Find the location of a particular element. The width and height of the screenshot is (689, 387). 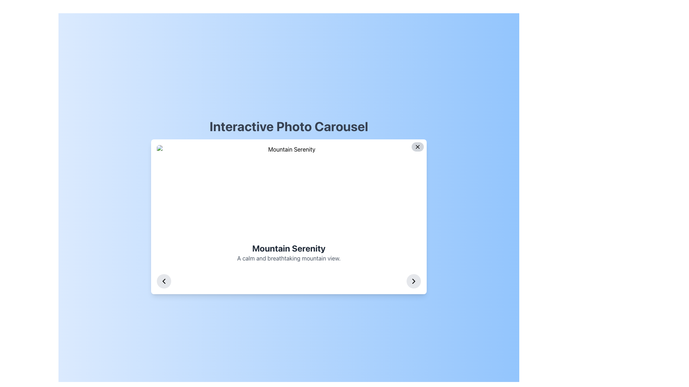

the close button located at the top-right corner of the modal is located at coordinates (417, 146).